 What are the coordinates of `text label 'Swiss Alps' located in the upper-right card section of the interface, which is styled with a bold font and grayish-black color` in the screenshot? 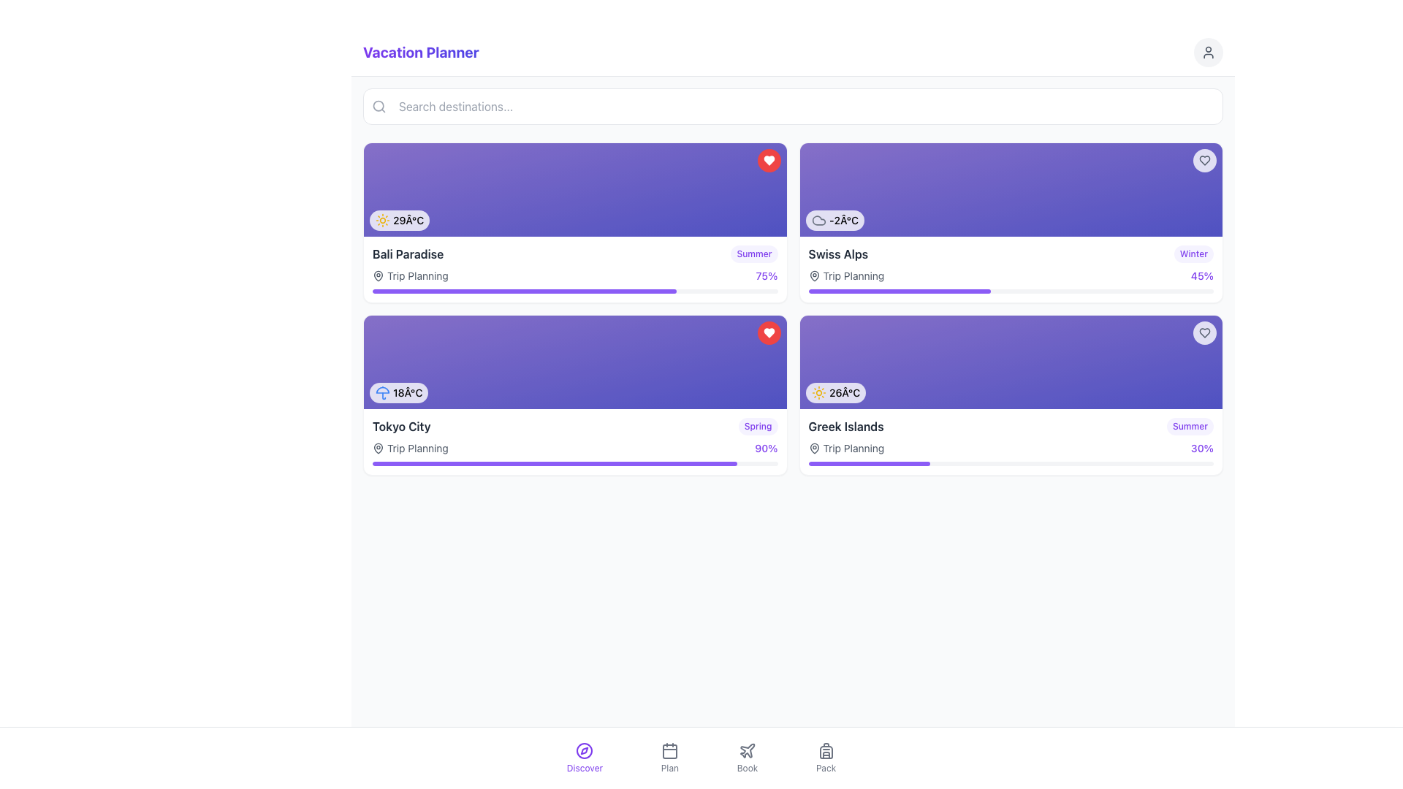 It's located at (838, 253).